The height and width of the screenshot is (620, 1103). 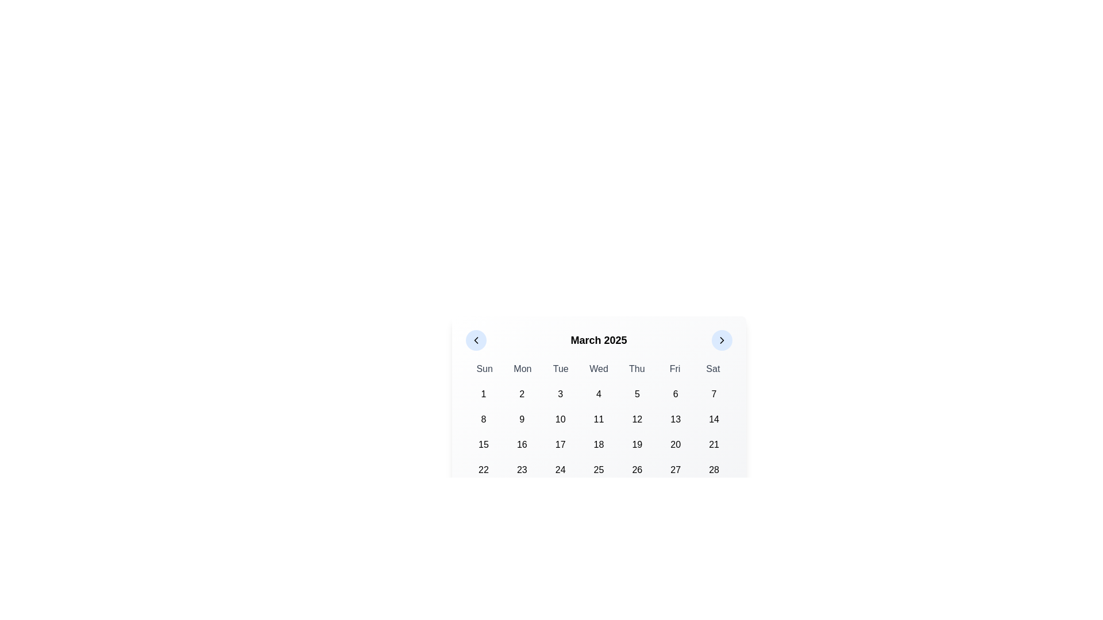 What do you see at coordinates (721, 340) in the screenshot?
I see `the circular button with a light blue background and a right-pointing chevron icon to change its background color` at bounding box center [721, 340].